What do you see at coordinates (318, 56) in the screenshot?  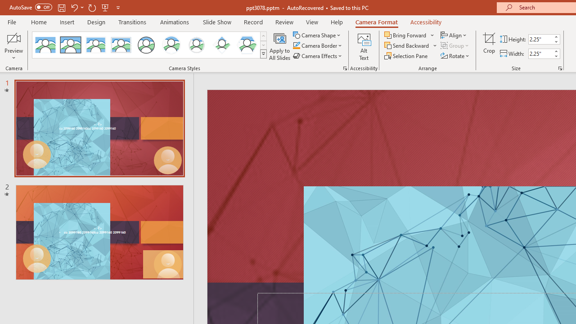 I see `'Camera Effects'` at bounding box center [318, 56].